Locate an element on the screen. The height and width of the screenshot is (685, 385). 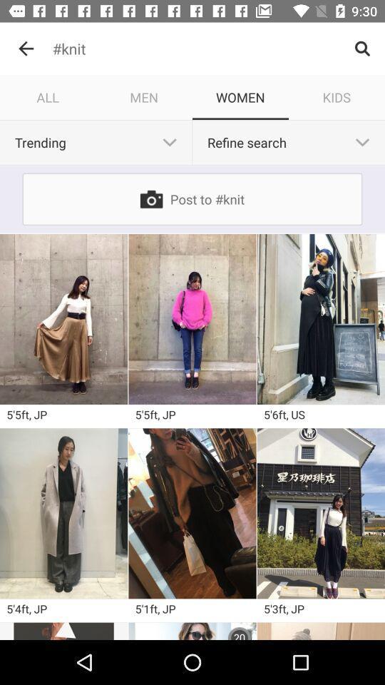
photo is located at coordinates (63, 630).